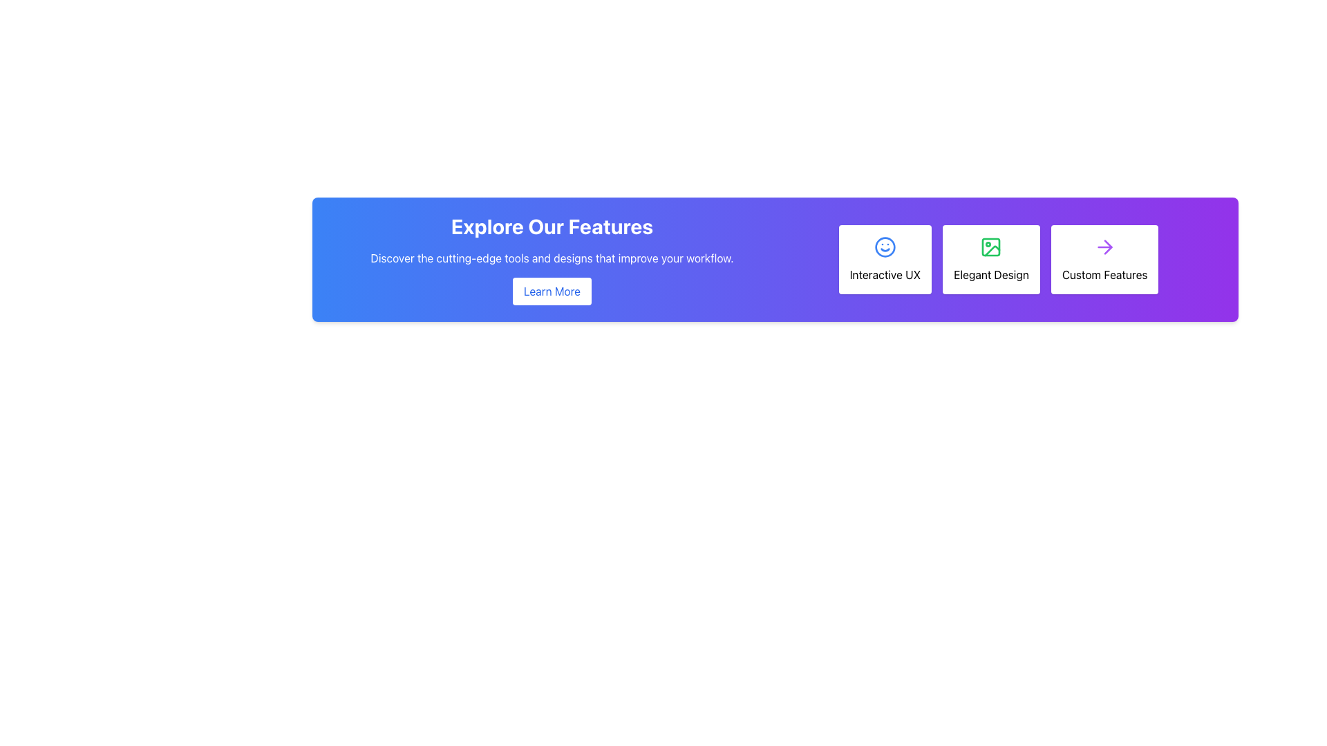  I want to click on the Informational Card which features a green icon of an image frame with a sun and the text 'Elegant Design' in bold, located between 'Interactive UX' and 'Custom Features', so click(998, 259).